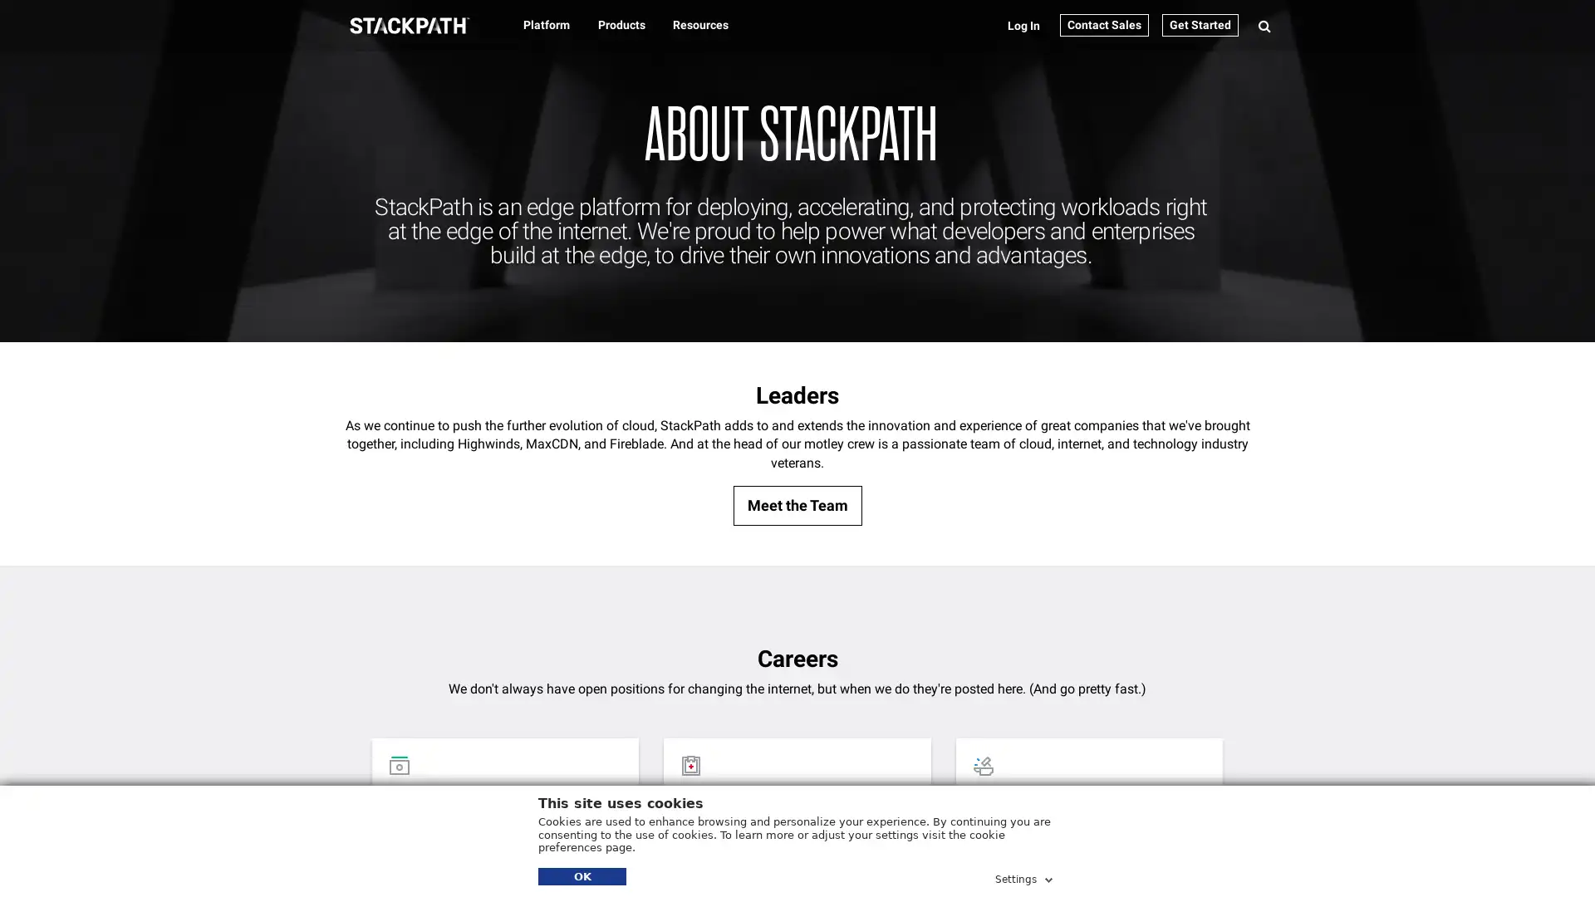 The image size is (1595, 897). I want to click on Meet the Team, so click(796, 505).